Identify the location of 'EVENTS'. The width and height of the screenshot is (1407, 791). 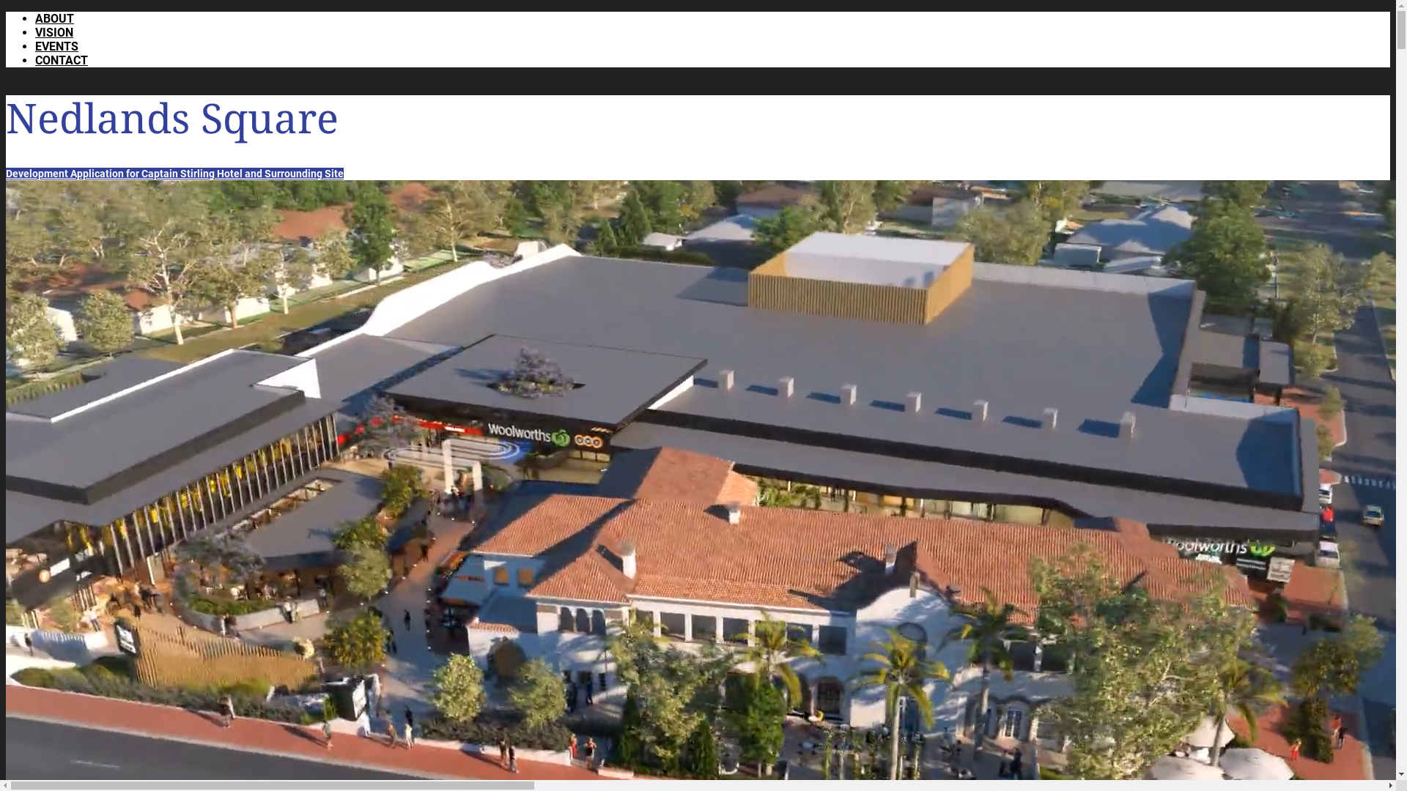
(56, 45).